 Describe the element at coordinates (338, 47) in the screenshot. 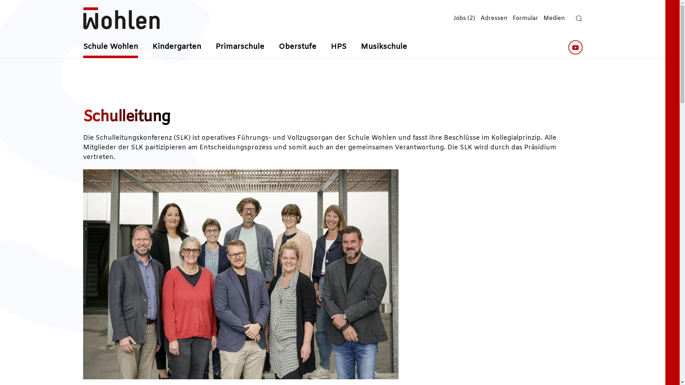

I see `'HPS'` at that location.